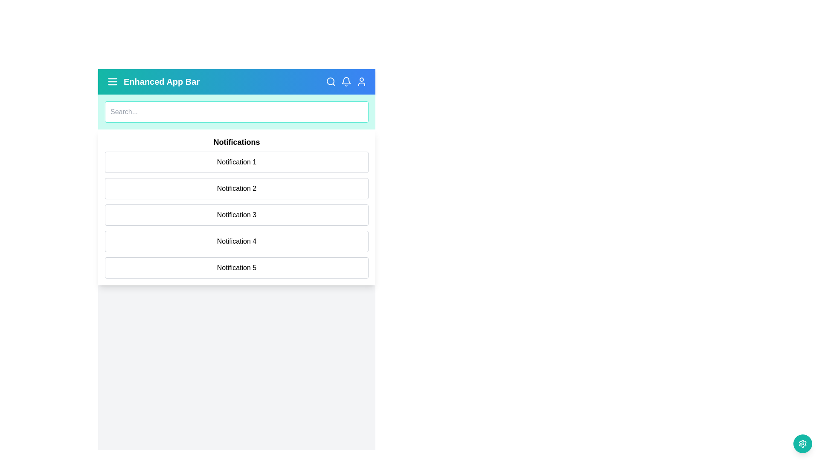 This screenshot has height=460, width=819. What do you see at coordinates (802, 443) in the screenshot?
I see `the footer settings button located at the bottom-right corner of the screen` at bounding box center [802, 443].